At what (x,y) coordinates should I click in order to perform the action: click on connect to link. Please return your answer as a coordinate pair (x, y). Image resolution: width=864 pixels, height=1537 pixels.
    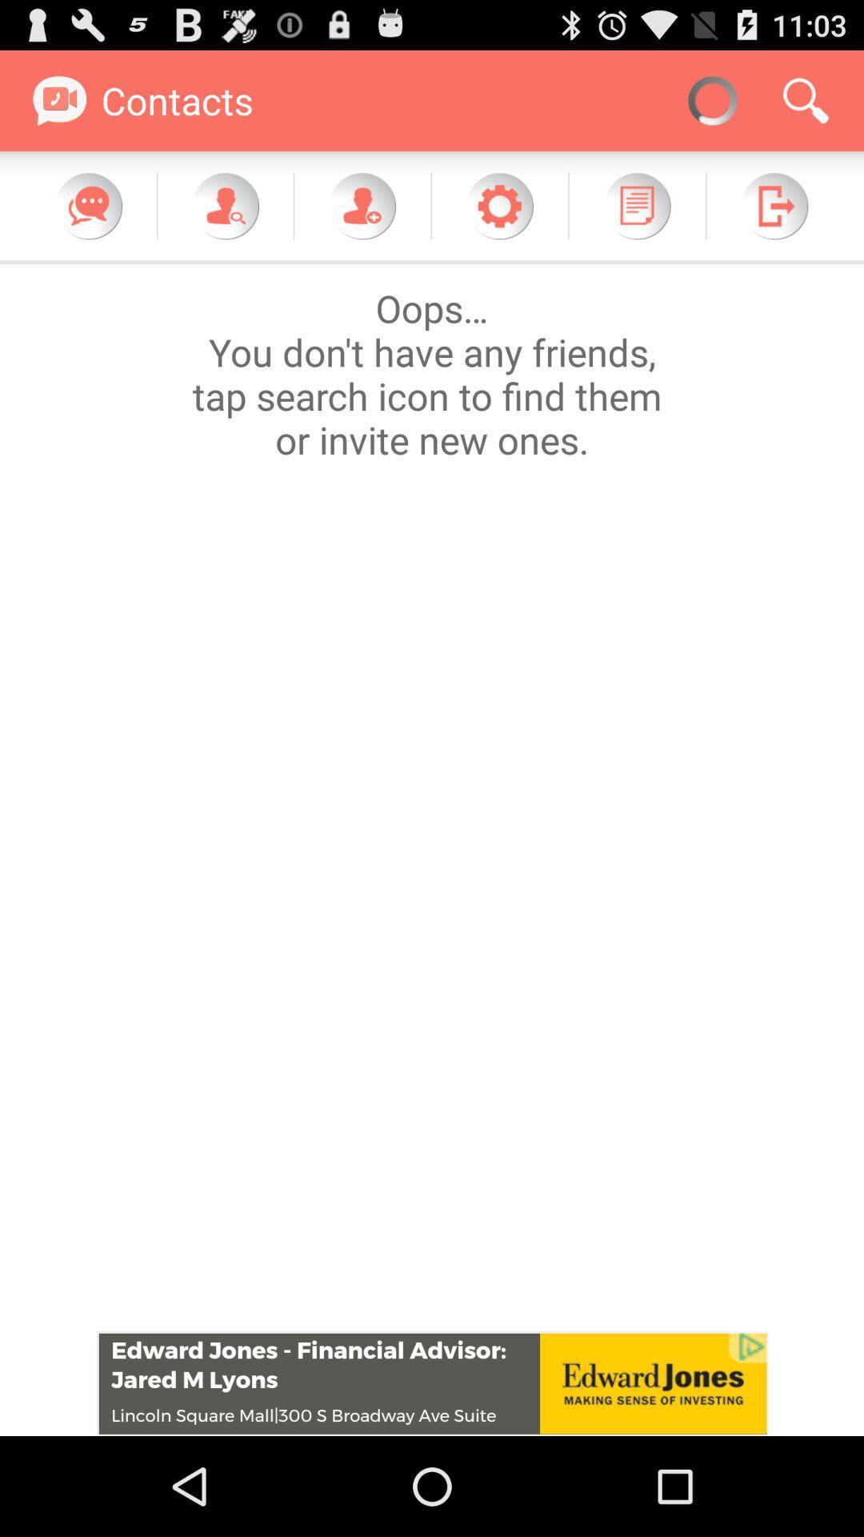
    Looking at the image, I should click on (432, 1382).